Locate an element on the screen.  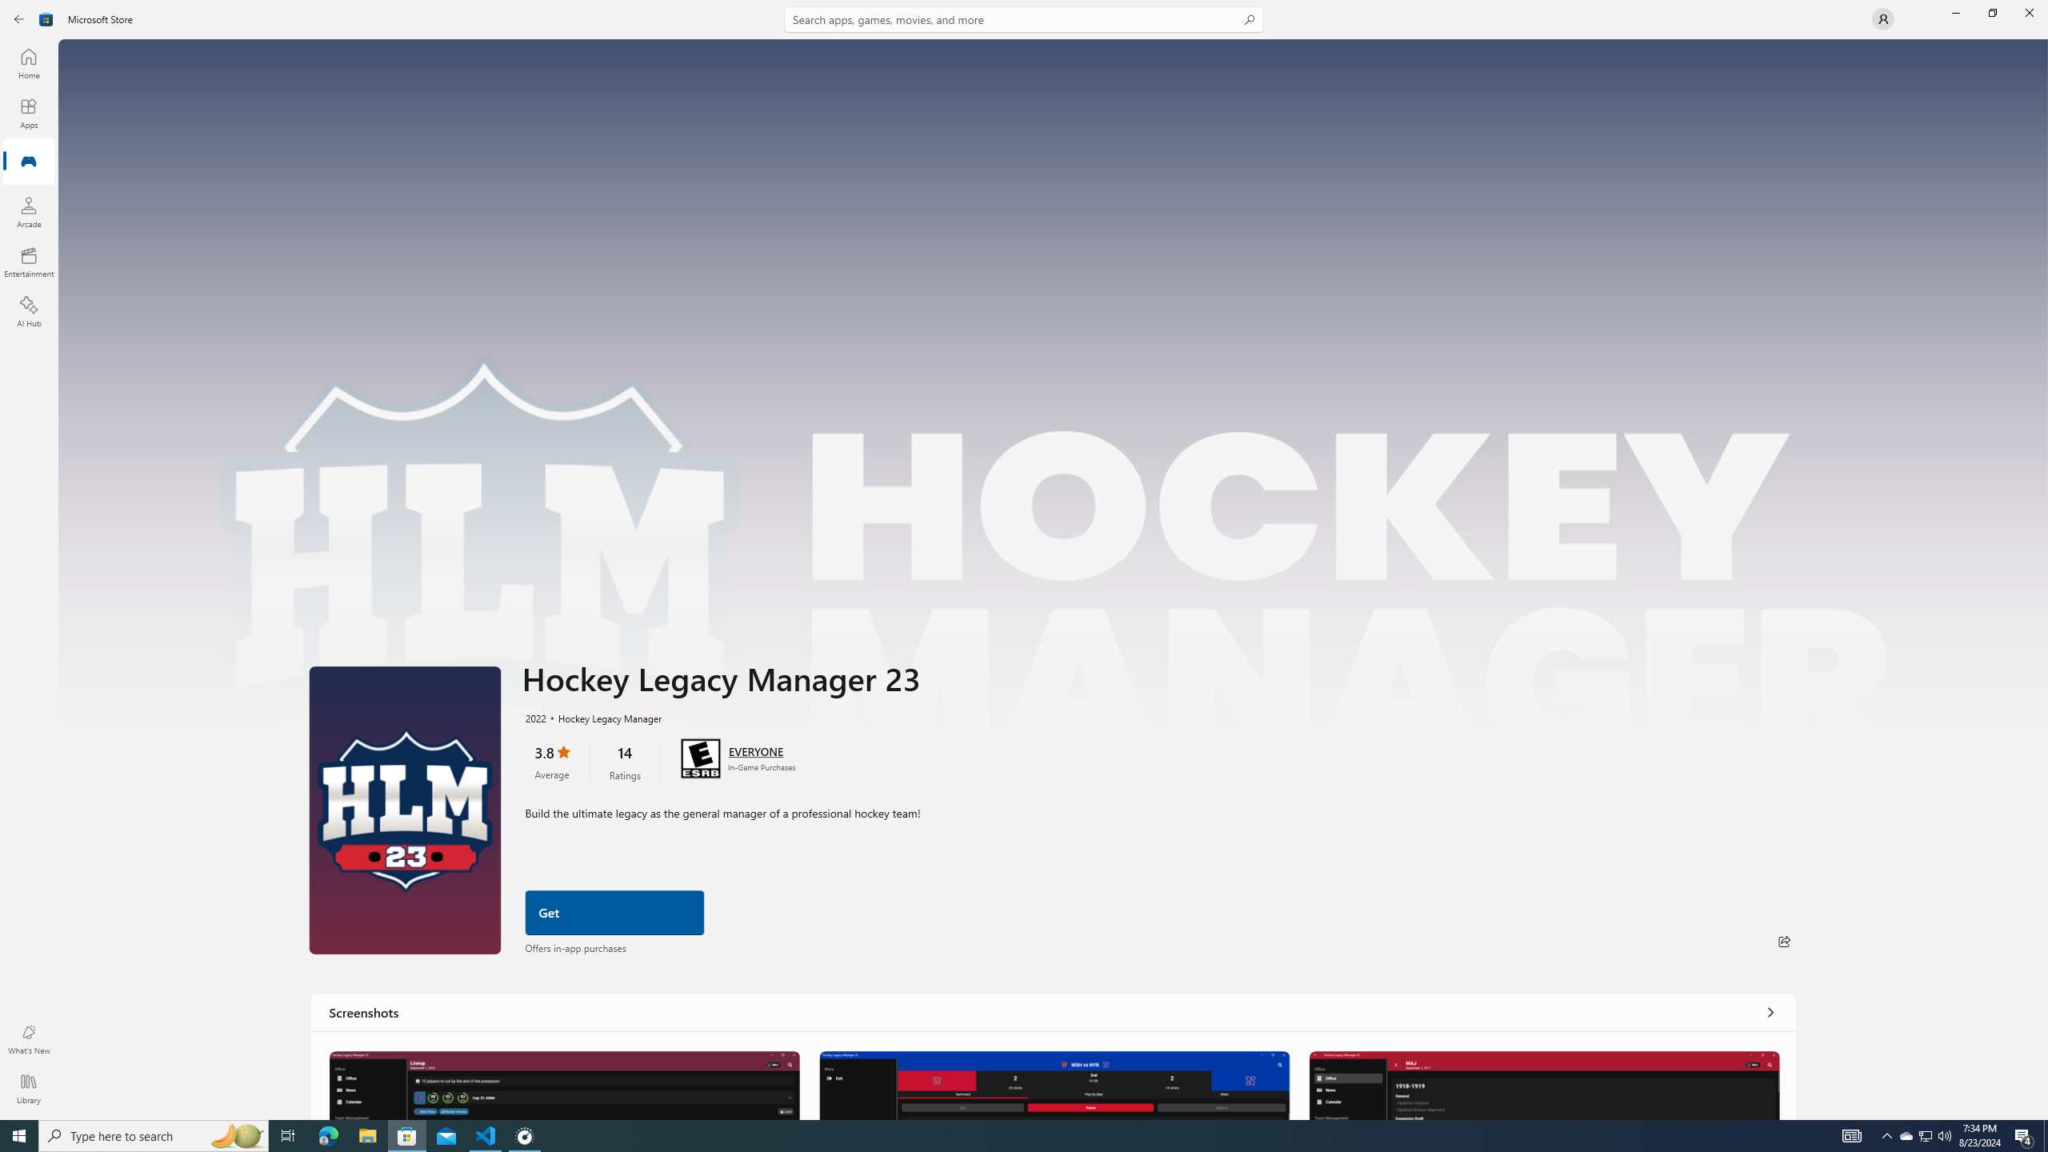
'Screenshot 2' is located at coordinates (1053, 1084).